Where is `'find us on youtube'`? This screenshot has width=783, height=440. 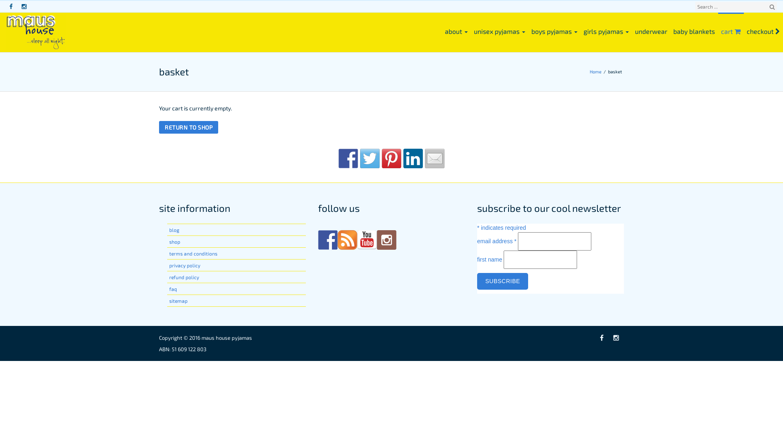 'find us on youtube' is located at coordinates (357, 240).